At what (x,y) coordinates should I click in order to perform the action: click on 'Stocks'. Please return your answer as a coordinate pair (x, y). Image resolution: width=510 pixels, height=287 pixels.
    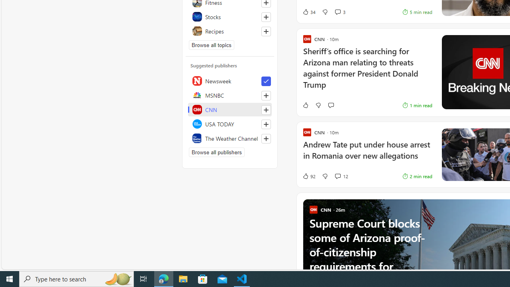
    Looking at the image, I should click on (229, 17).